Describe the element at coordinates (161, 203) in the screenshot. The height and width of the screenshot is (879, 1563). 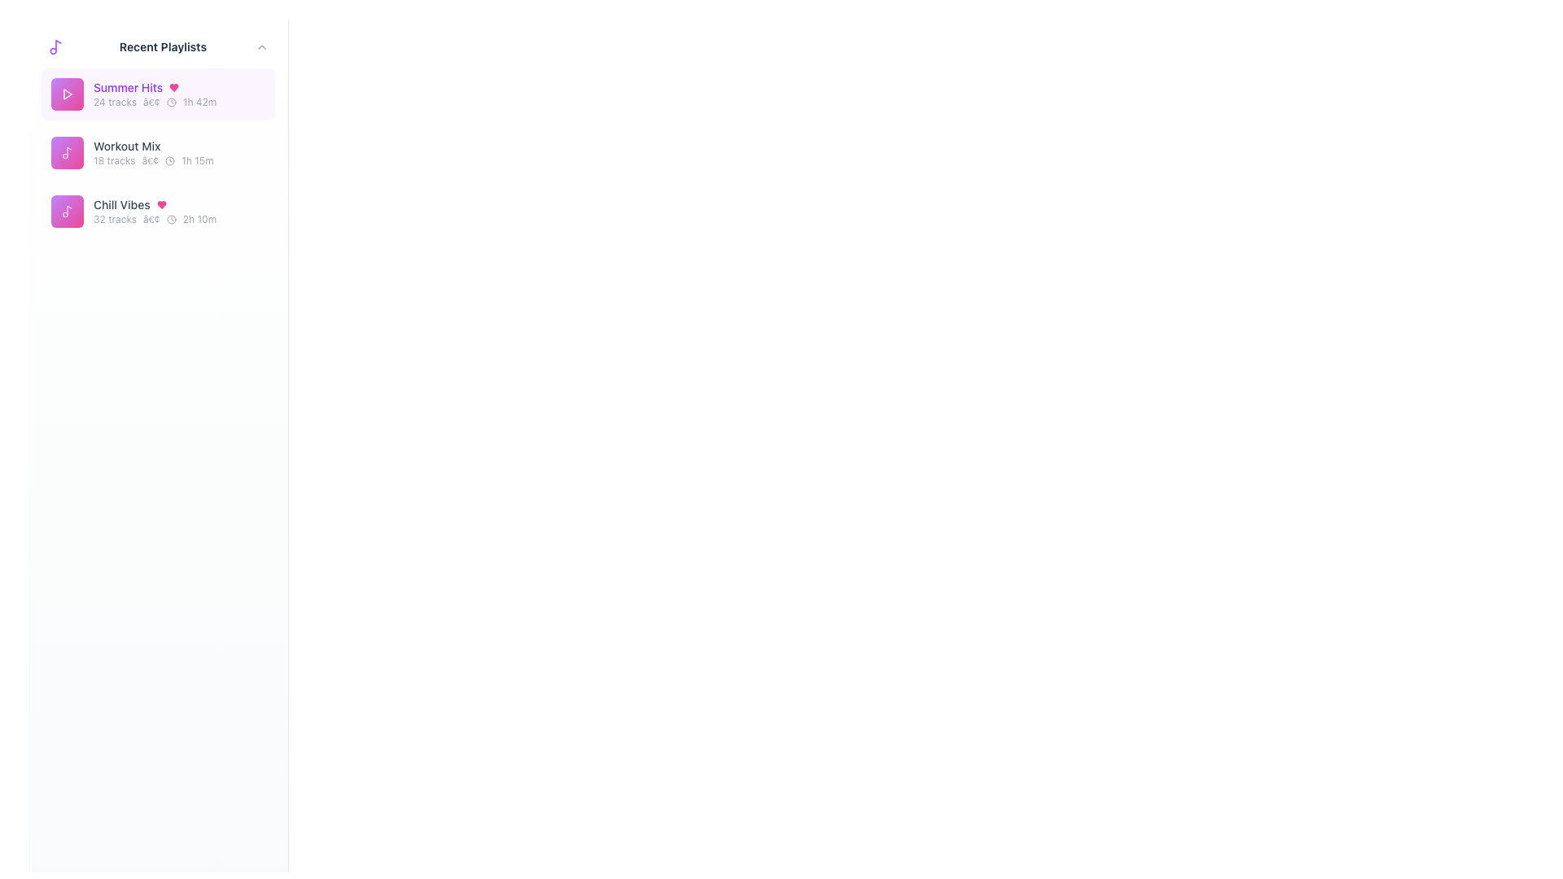
I see `the heart icon in the third position of the 'Recent Playlists' list for the 'Chill Vibes' playlist` at that location.